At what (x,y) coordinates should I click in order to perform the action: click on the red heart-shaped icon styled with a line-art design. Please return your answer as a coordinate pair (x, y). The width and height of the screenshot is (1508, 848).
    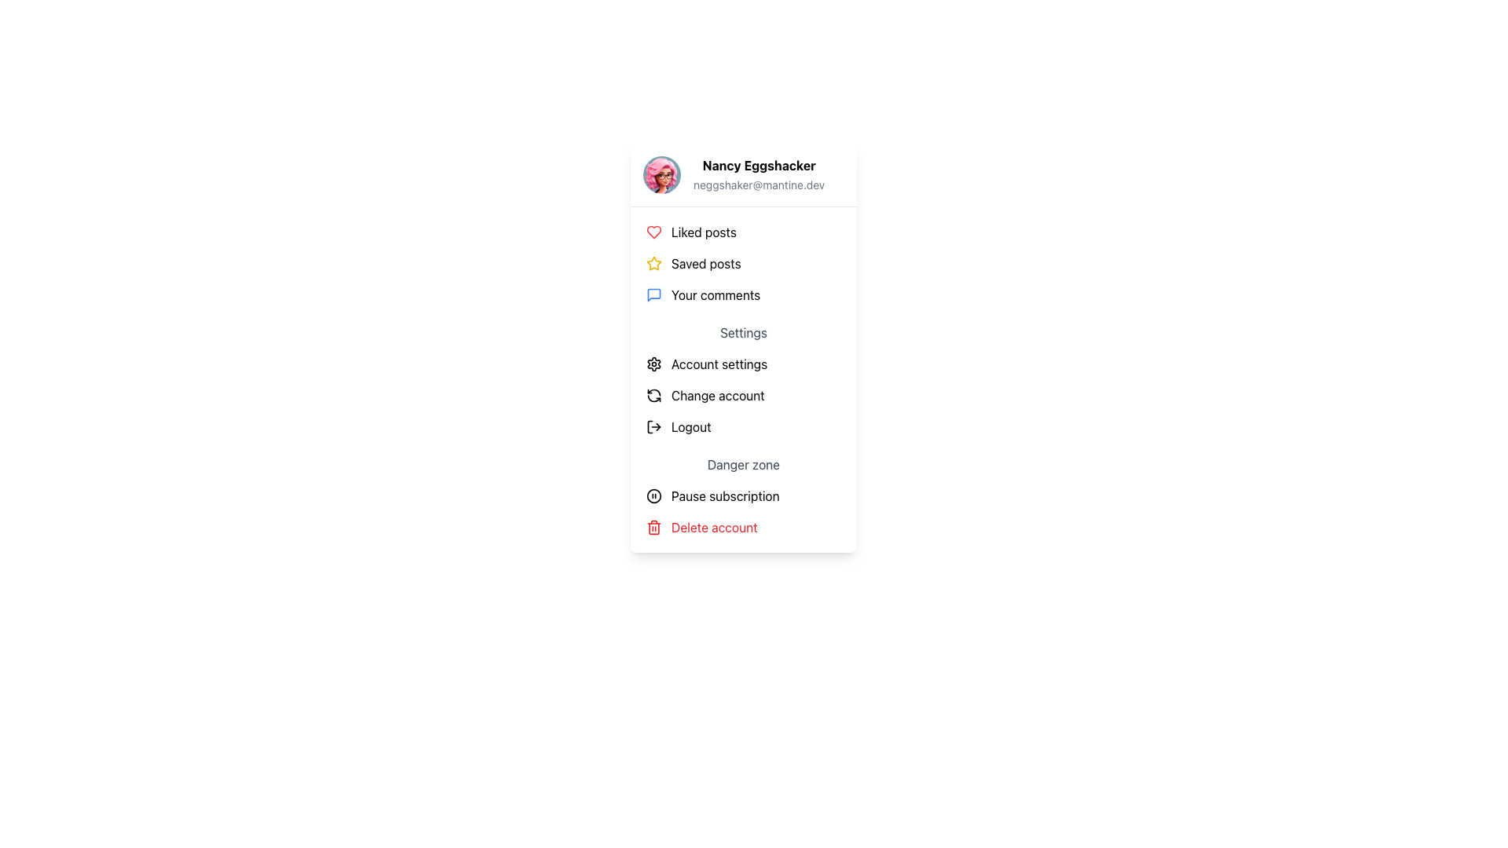
    Looking at the image, I should click on (654, 232).